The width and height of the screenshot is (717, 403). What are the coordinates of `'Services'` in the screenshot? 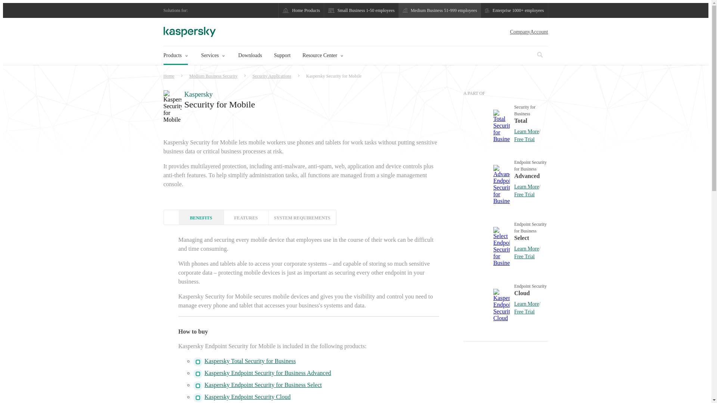 It's located at (212, 55).